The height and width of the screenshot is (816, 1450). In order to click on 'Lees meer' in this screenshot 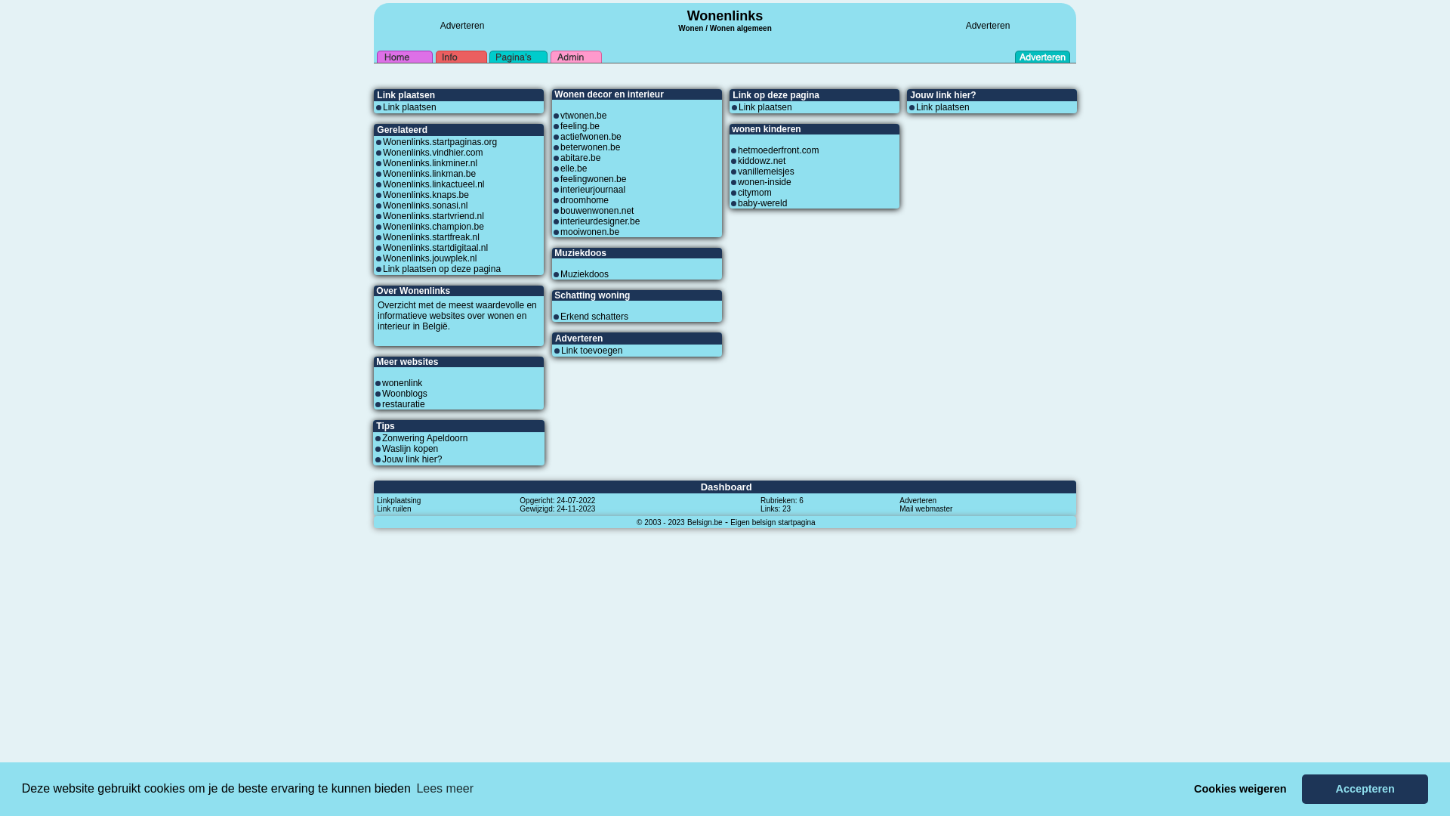, I will do `click(444, 788)`.